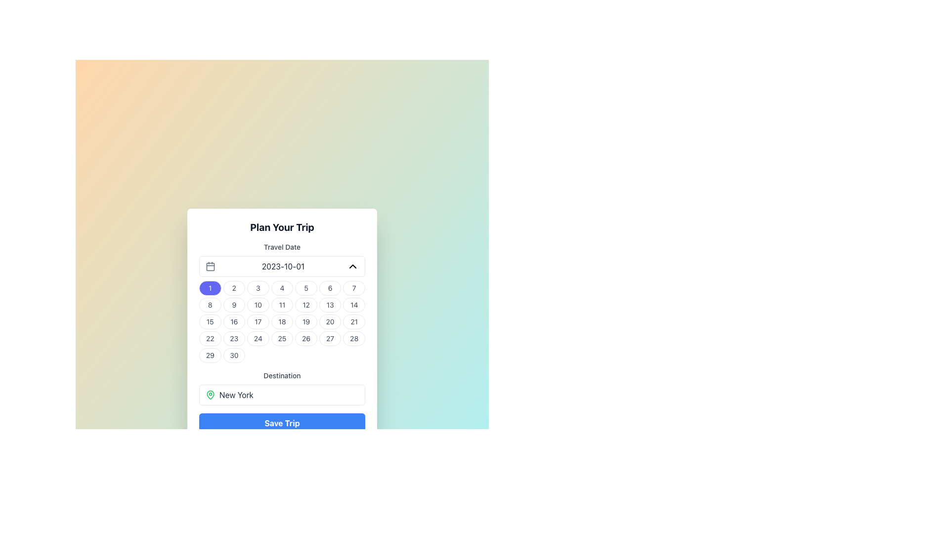 The width and height of the screenshot is (949, 534). Describe the element at coordinates (282, 266) in the screenshot. I see `the interactive date selection bar located below the 'Travel Date' label` at that location.